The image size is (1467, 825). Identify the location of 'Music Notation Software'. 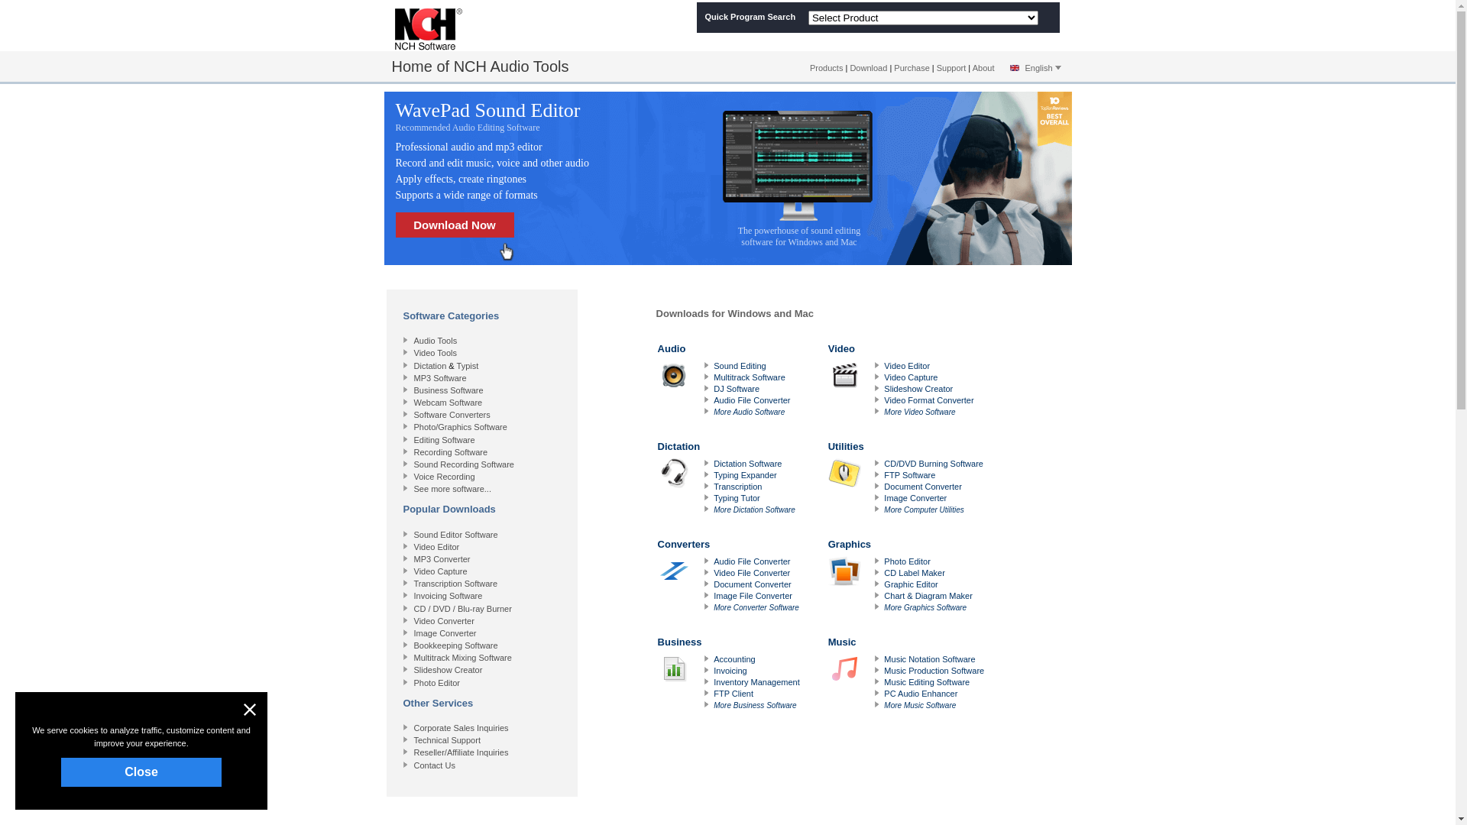
(928, 658).